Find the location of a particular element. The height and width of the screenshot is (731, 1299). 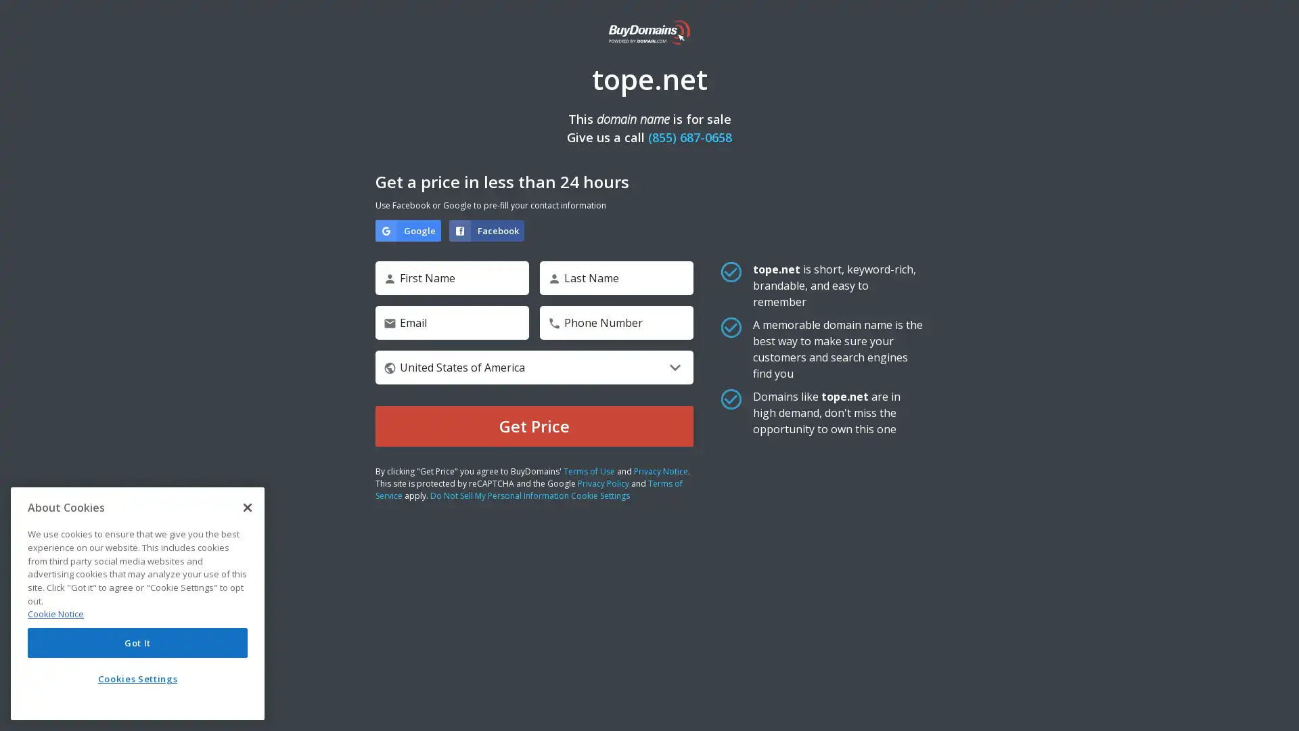

Got It is located at coordinates (137, 642).